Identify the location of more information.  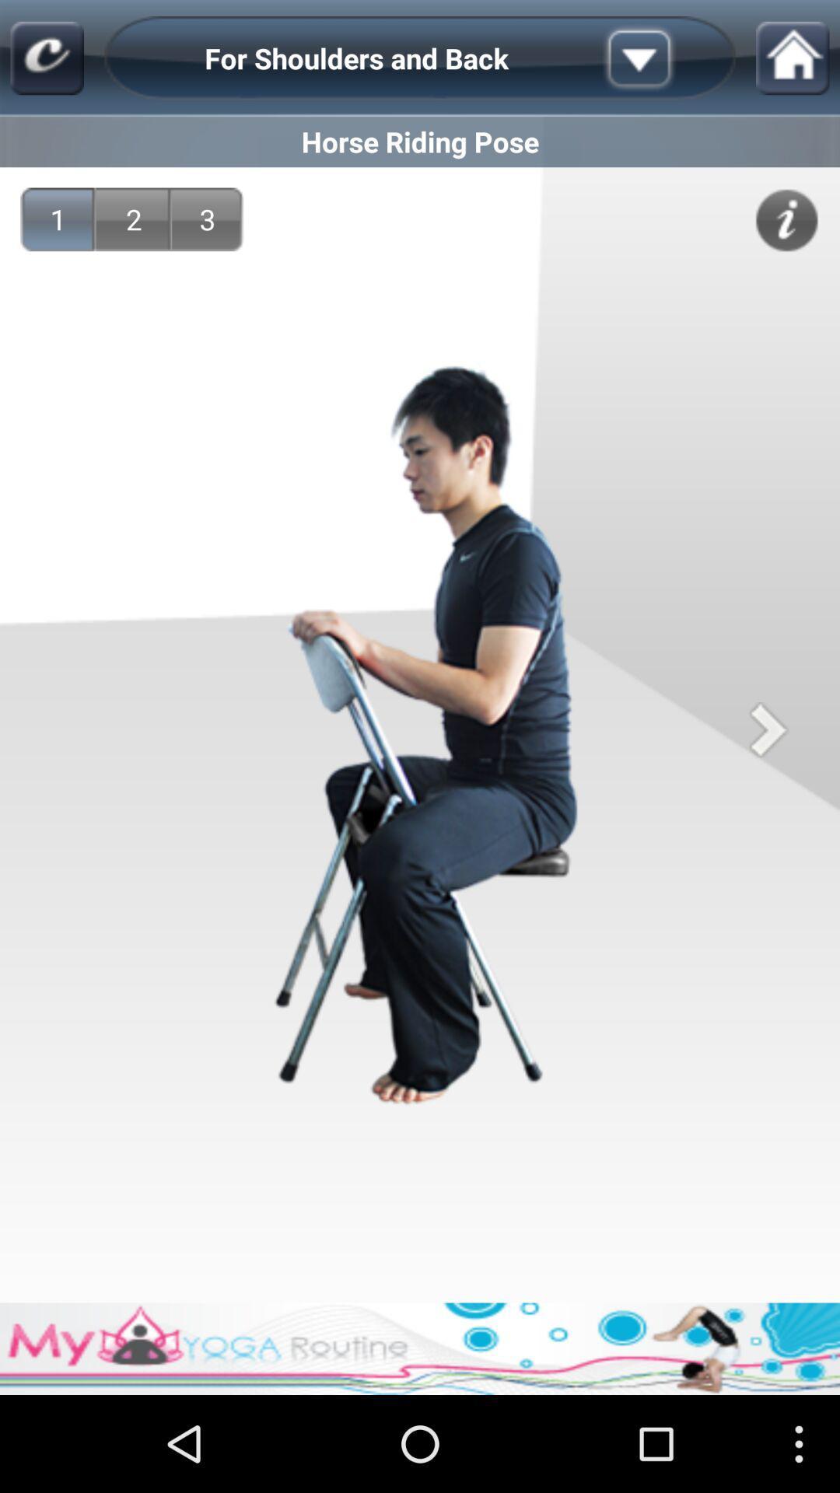
(786, 219).